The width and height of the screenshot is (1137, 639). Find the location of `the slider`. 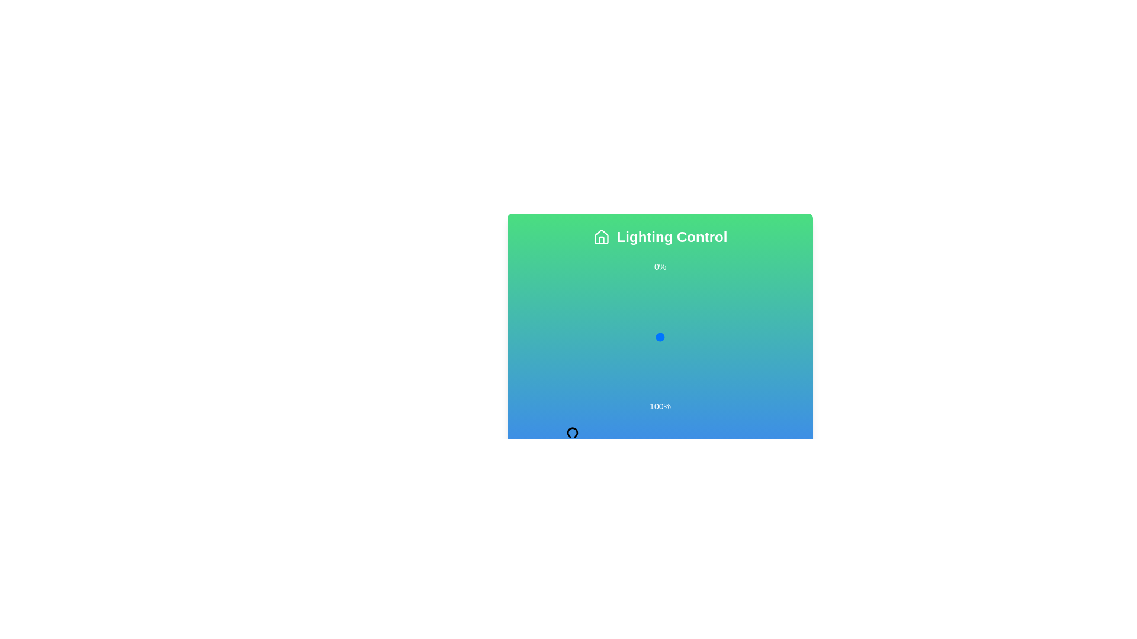

the slider is located at coordinates (659, 337).